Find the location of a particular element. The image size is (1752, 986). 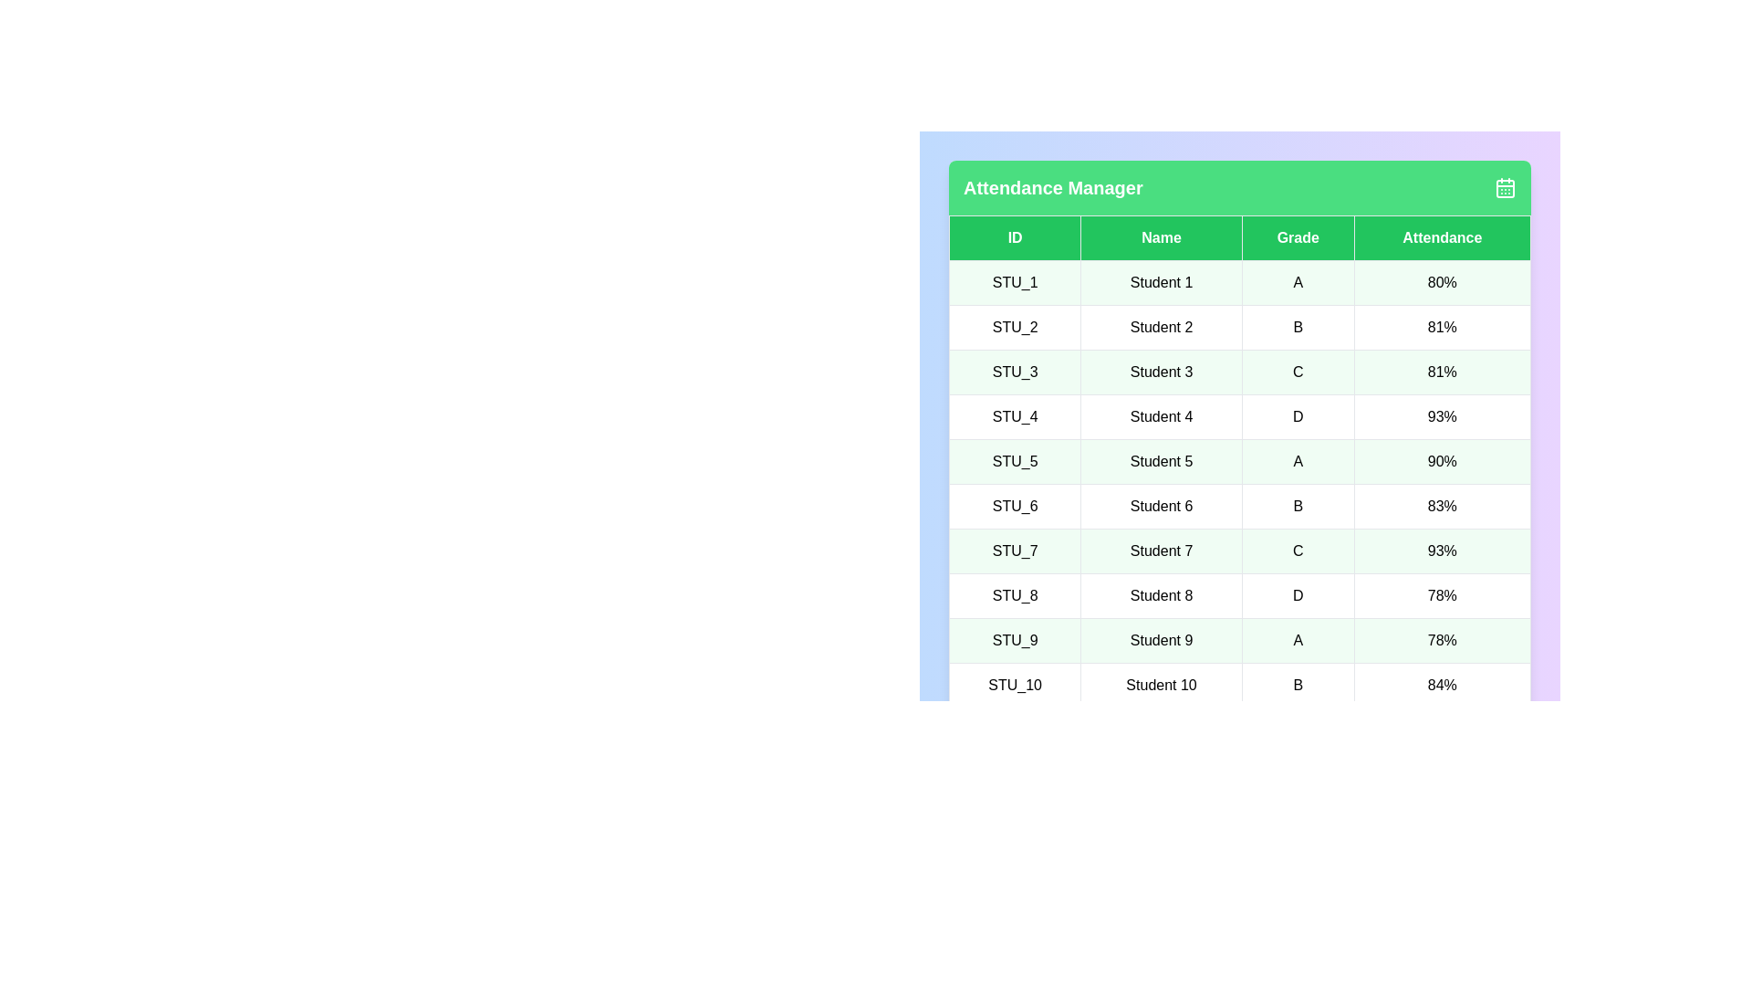

the text within a cell to highlight it is located at coordinates (1160, 282).